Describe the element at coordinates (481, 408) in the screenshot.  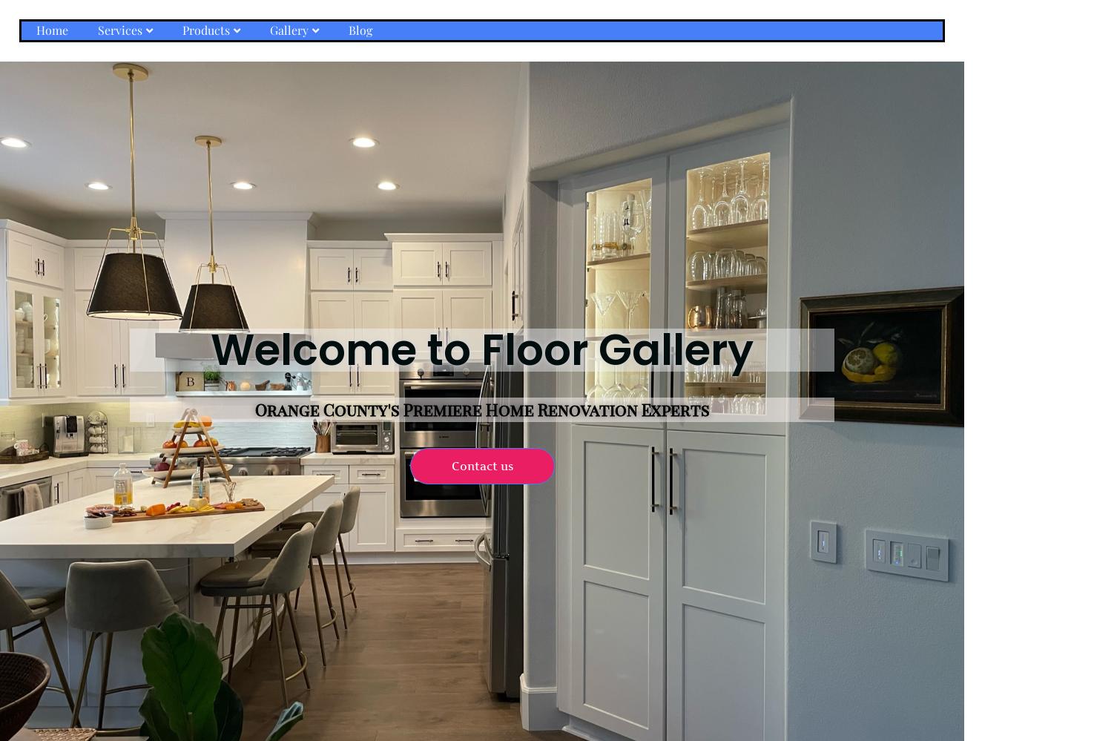
I see `'Orange County's Premiere Home Renovation Experts'` at that location.